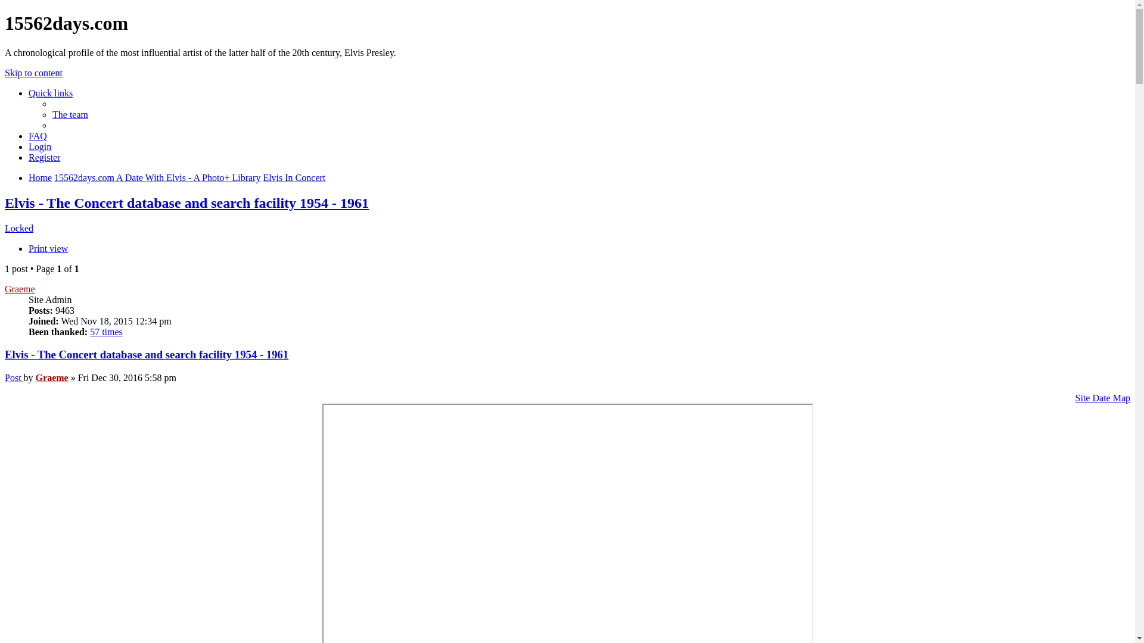 This screenshot has width=1144, height=643. What do you see at coordinates (50, 92) in the screenshot?
I see `'Quick links'` at bounding box center [50, 92].